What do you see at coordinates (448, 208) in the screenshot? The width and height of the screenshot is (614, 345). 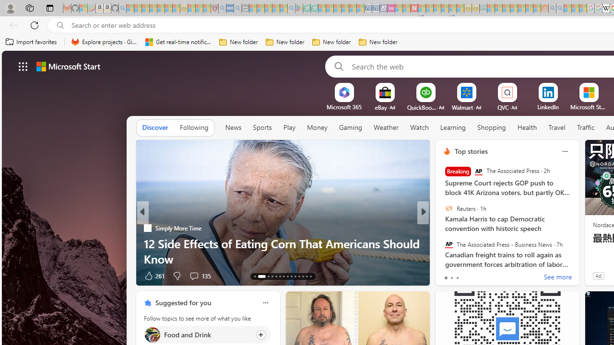 I see `'Reuters'` at bounding box center [448, 208].